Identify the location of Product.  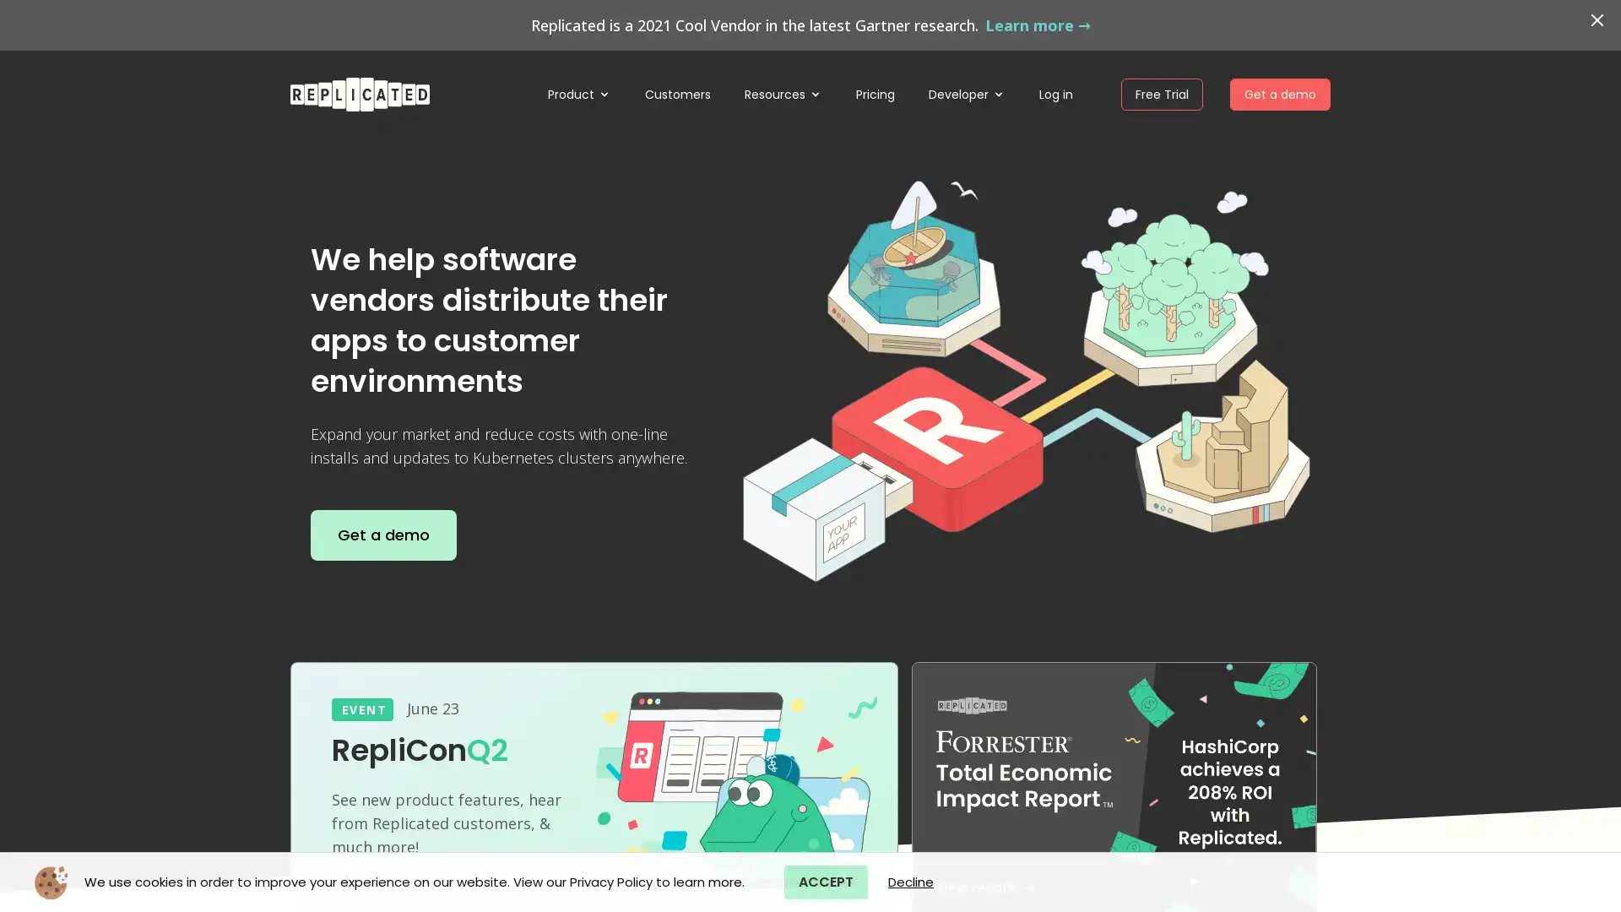
(579, 94).